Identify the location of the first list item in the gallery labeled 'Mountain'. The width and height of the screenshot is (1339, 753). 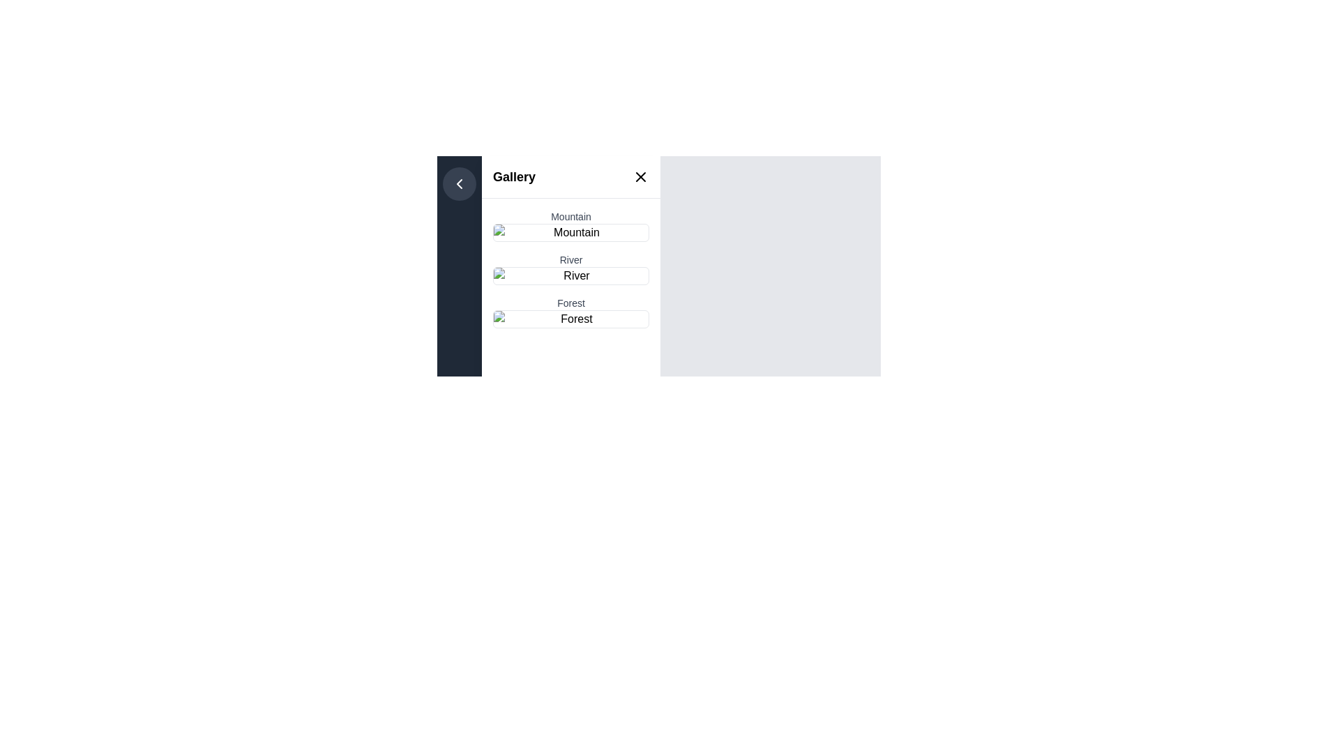
(571, 225).